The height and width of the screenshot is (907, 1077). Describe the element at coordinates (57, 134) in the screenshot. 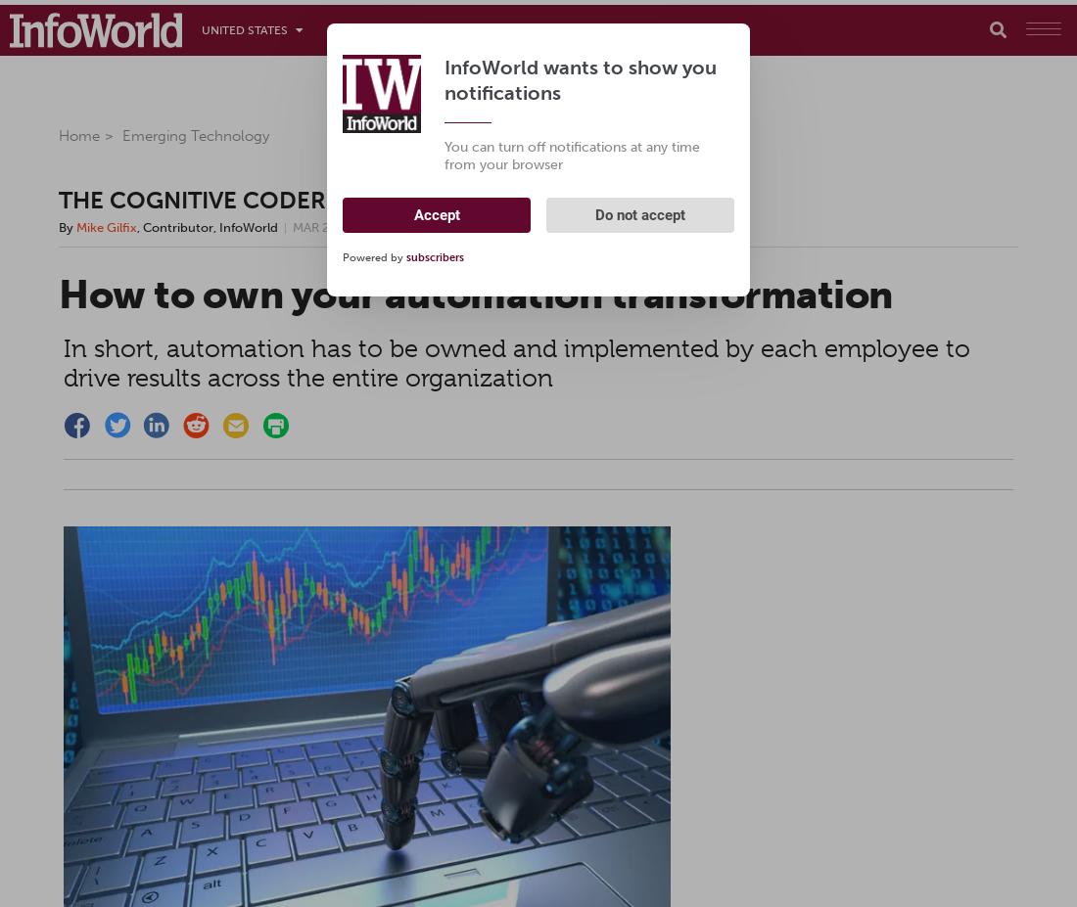

I see `'Home'` at that location.